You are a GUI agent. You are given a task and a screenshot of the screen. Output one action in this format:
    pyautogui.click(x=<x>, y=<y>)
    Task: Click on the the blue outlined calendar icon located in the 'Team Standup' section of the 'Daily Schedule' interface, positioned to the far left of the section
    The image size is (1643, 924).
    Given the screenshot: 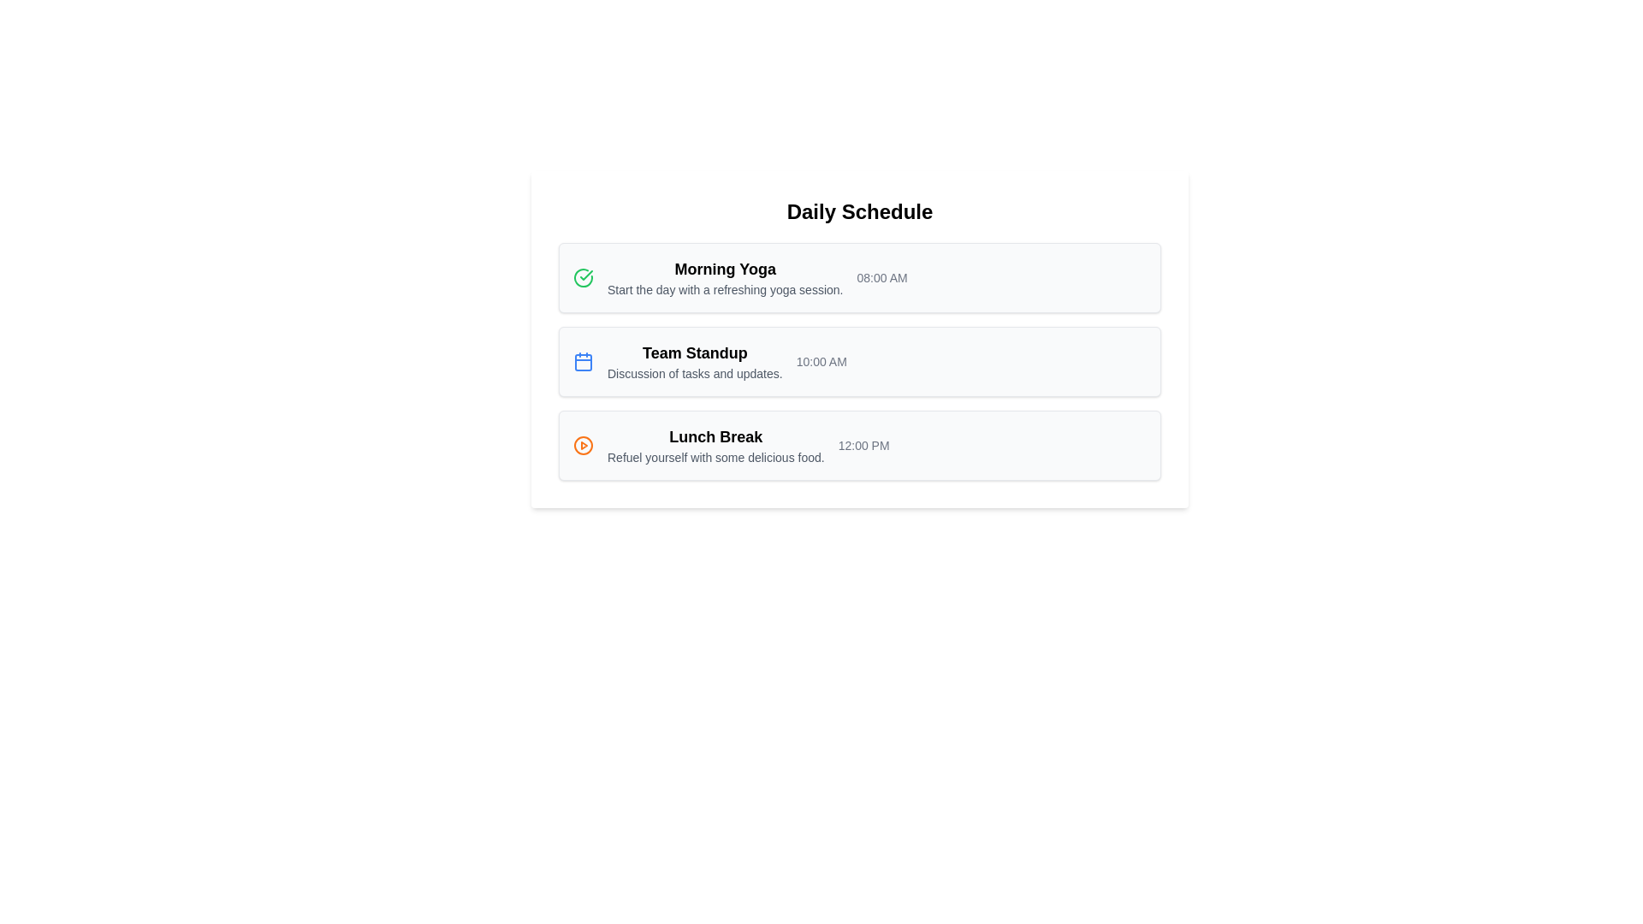 What is the action you would take?
    pyautogui.click(x=583, y=361)
    